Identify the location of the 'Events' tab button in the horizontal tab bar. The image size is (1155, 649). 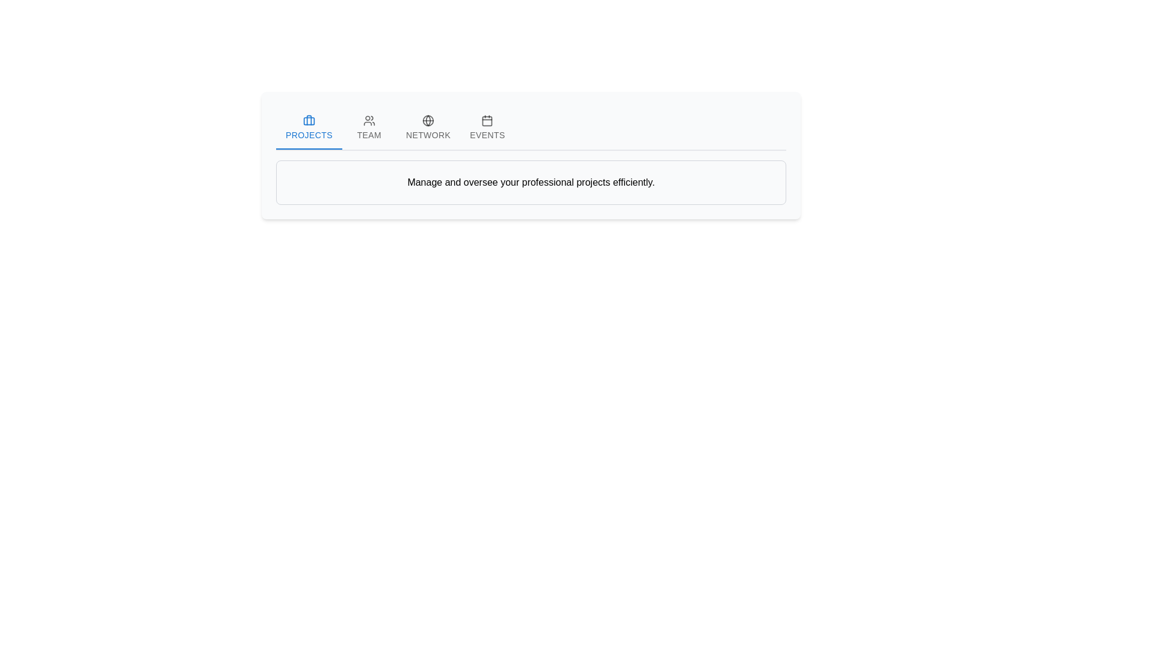
(487, 127).